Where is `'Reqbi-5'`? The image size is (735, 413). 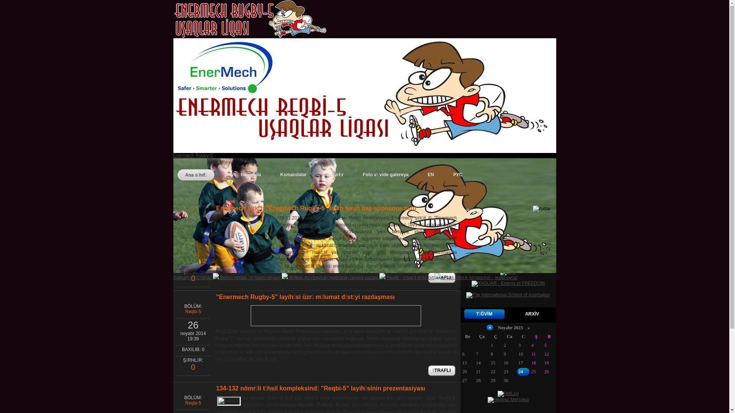
'Reqbi-5' is located at coordinates (193, 311).